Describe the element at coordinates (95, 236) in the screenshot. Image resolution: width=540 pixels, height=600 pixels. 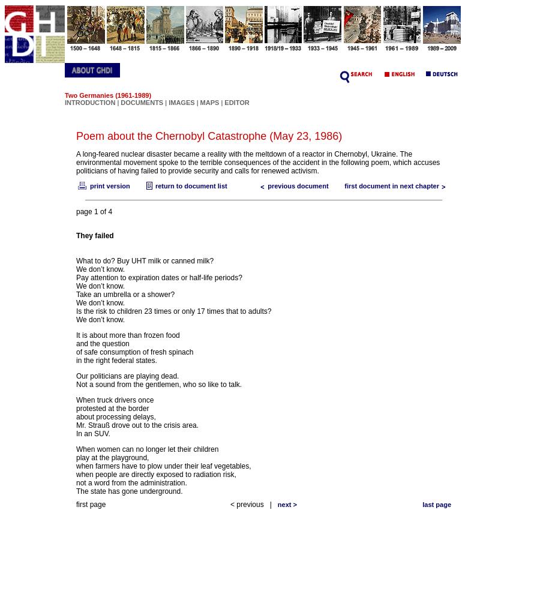
I see `'They failed'` at that location.